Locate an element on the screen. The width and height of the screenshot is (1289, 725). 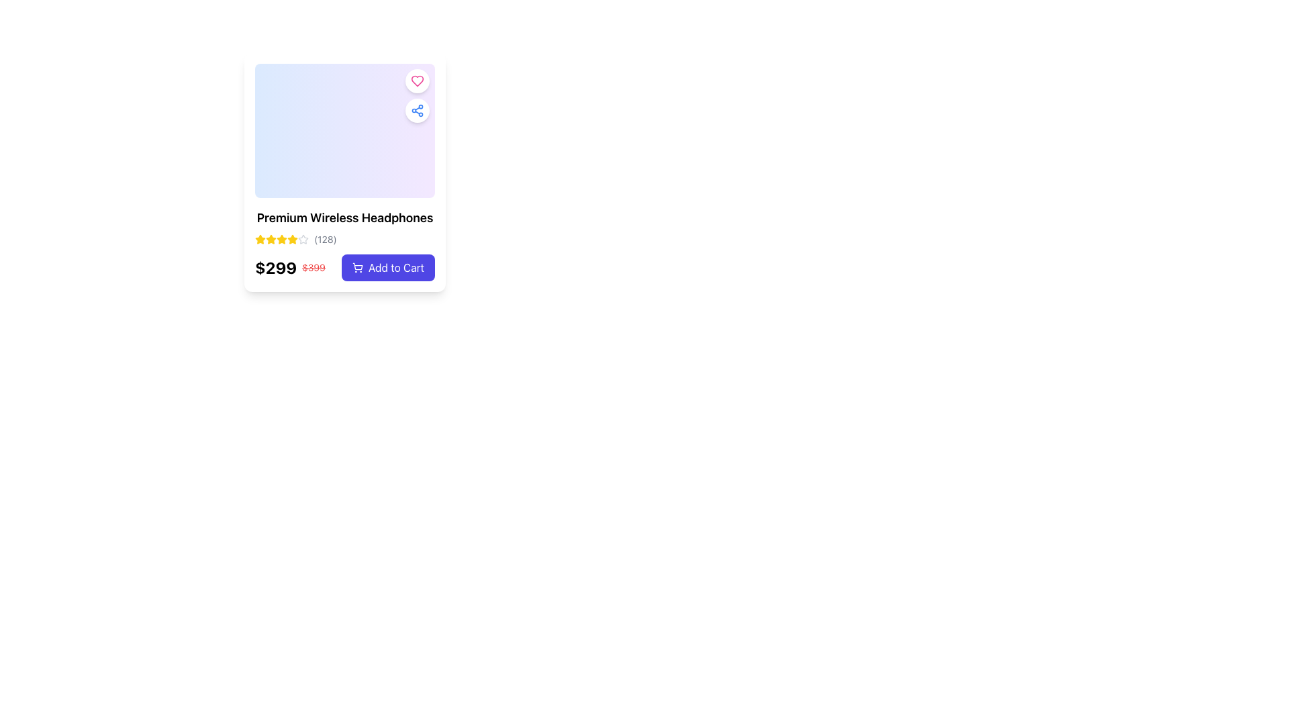
the fourth star in the five-star rating system located below the title 'Premium Wireless Headphones' and adjacent to the text label '(128)' is located at coordinates (281, 239).